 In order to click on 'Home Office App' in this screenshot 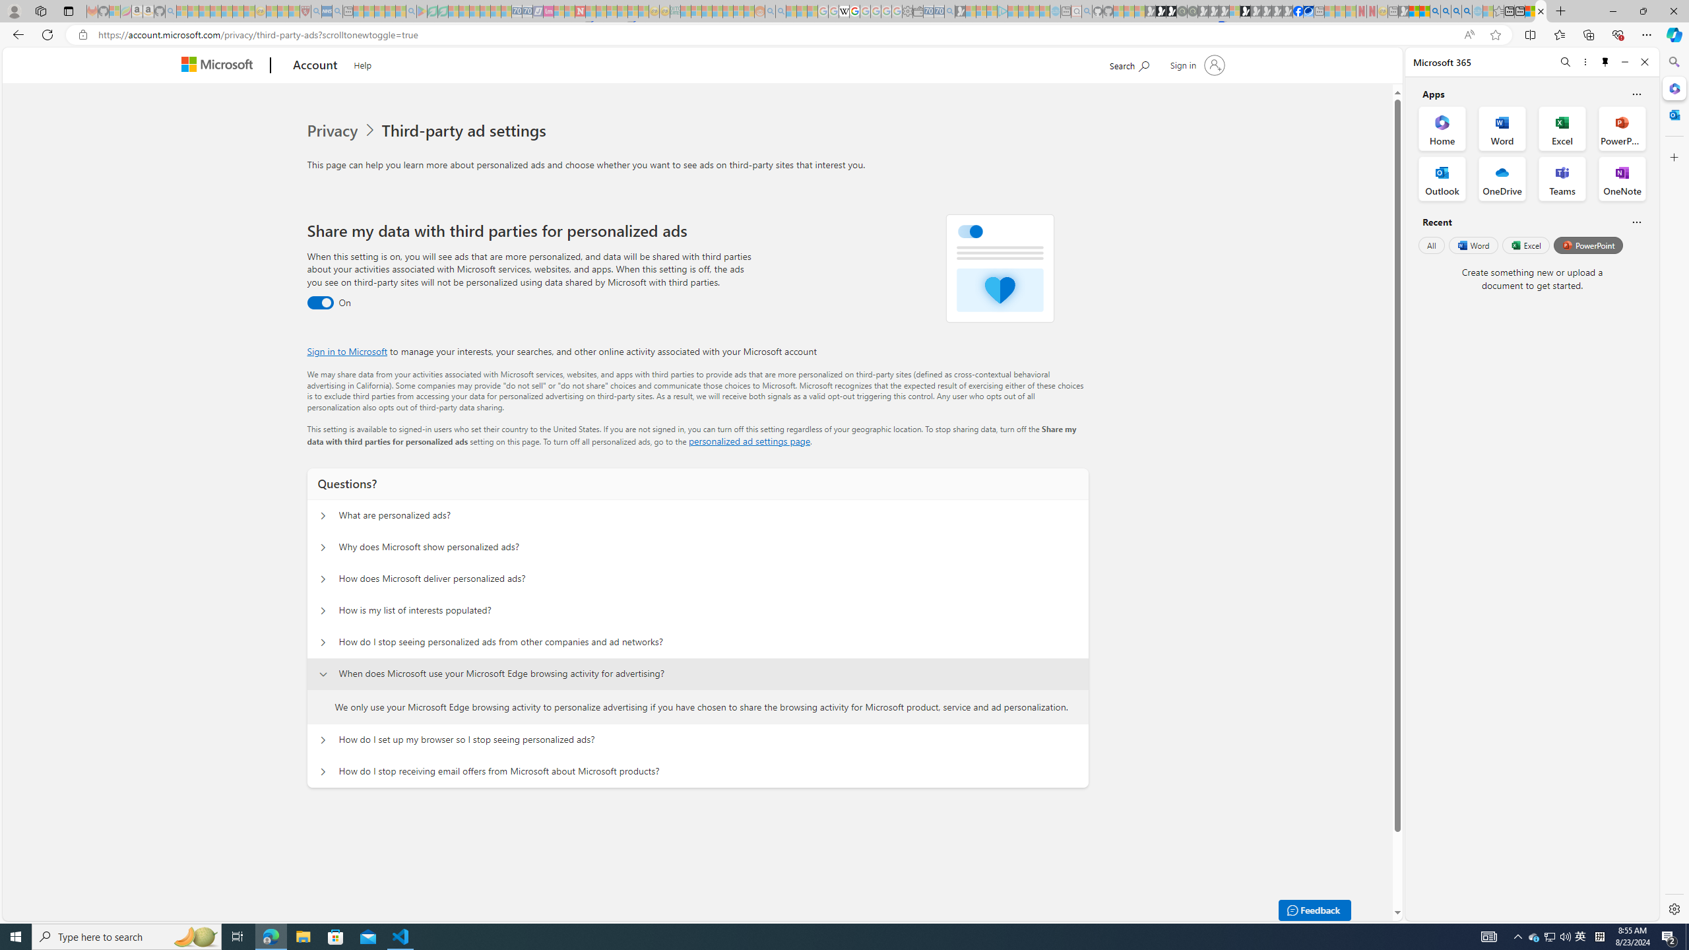, I will do `click(1442, 129)`.